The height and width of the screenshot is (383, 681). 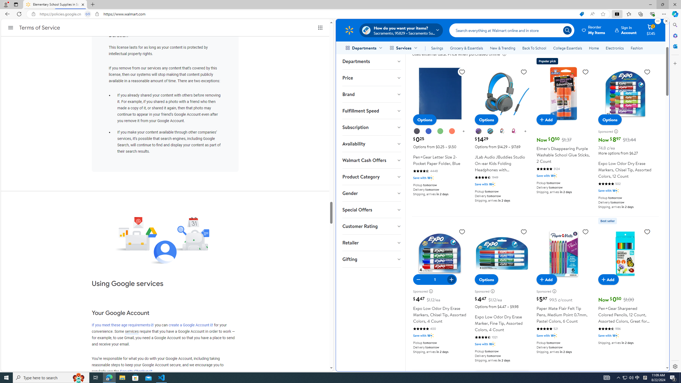 I want to click on 'Home', so click(x=593, y=48).